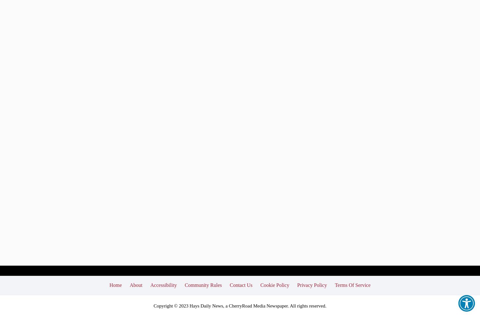 The image size is (480, 317). I want to click on 'Copyright © 2023 Hays Daily News, a', so click(191, 305).